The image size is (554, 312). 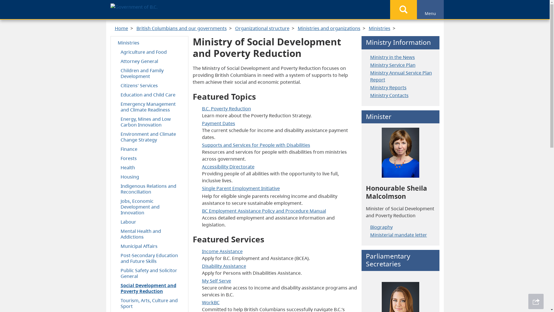 What do you see at coordinates (149, 137) in the screenshot?
I see `'Environment and Climate Change Strategy'` at bounding box center [149, 137].